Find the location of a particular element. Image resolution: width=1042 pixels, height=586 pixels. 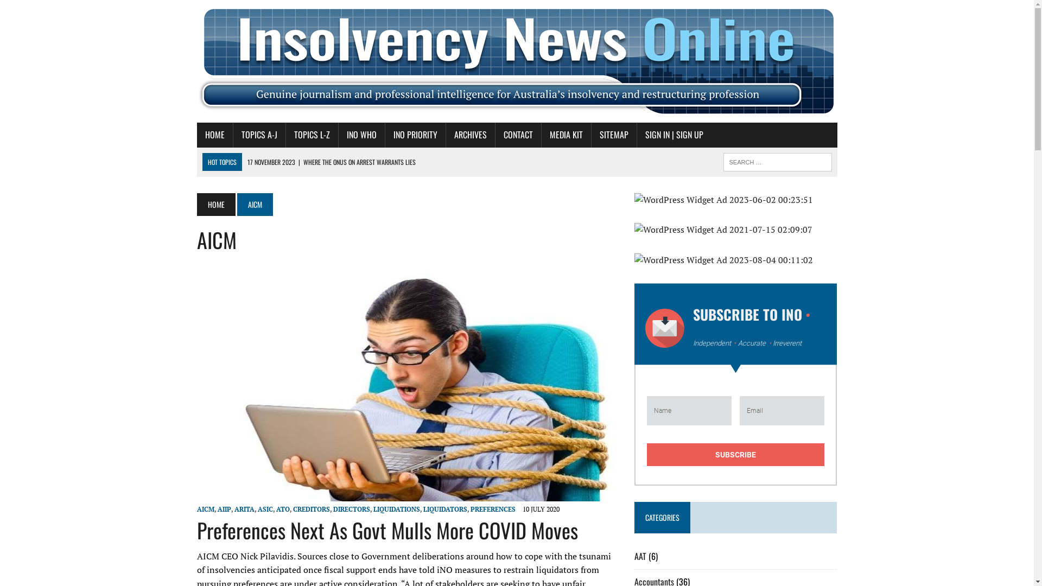

'AIIP' is located at coordinates (217, 509).